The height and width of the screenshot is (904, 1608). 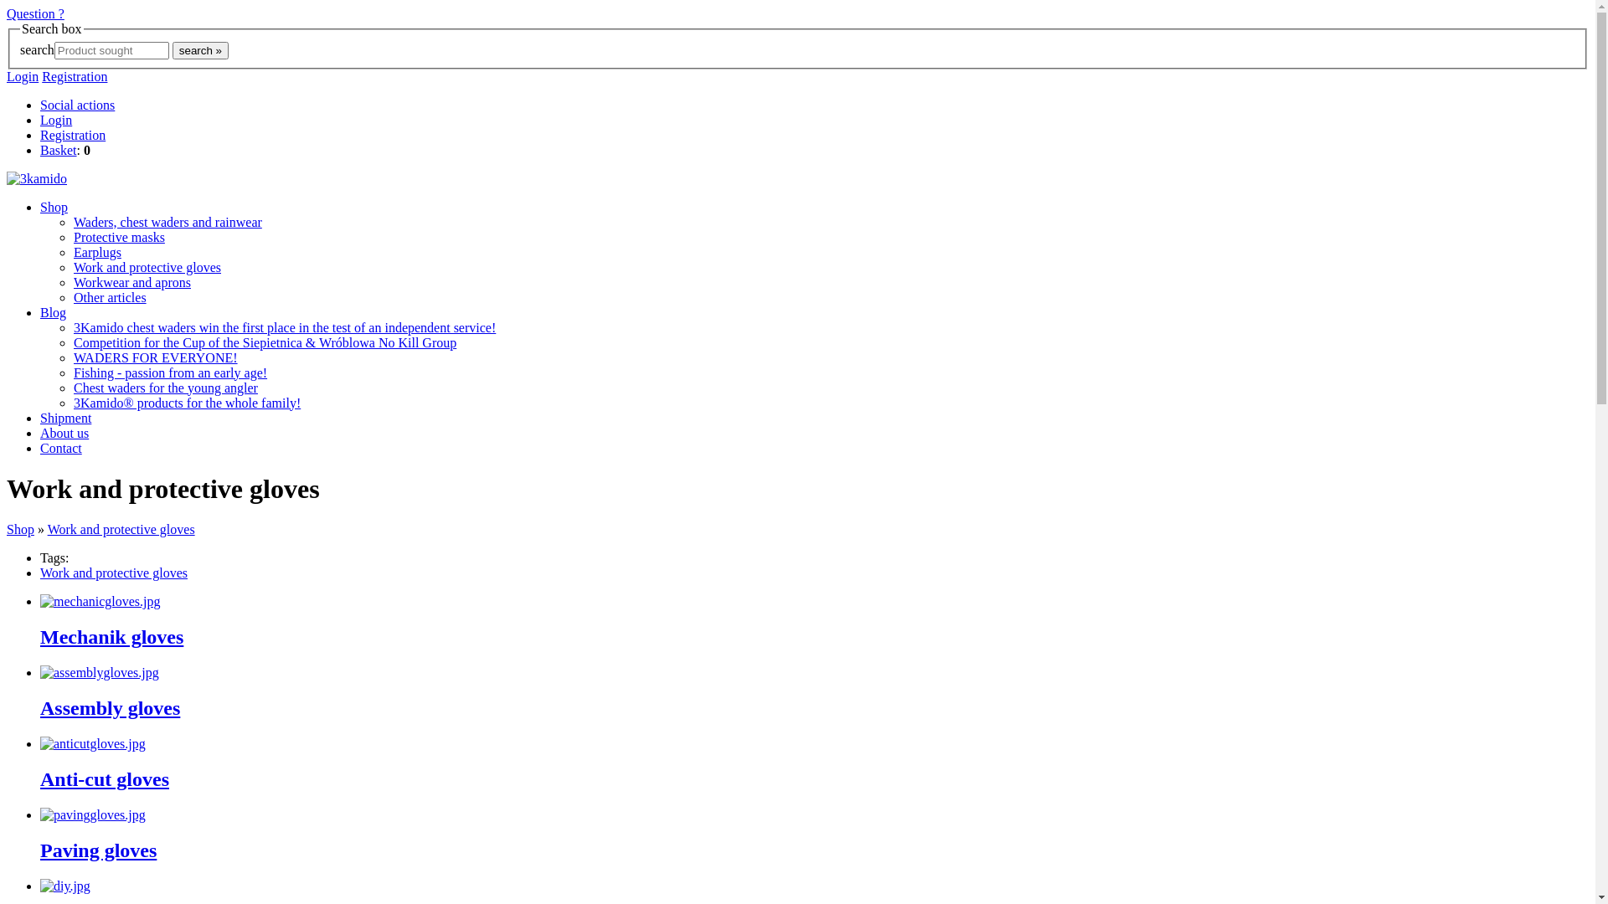 What do you see at coordinates (131, 281) in the screenshot?
I see `'Workwear and aprons'` at bounding box center [131, 281].